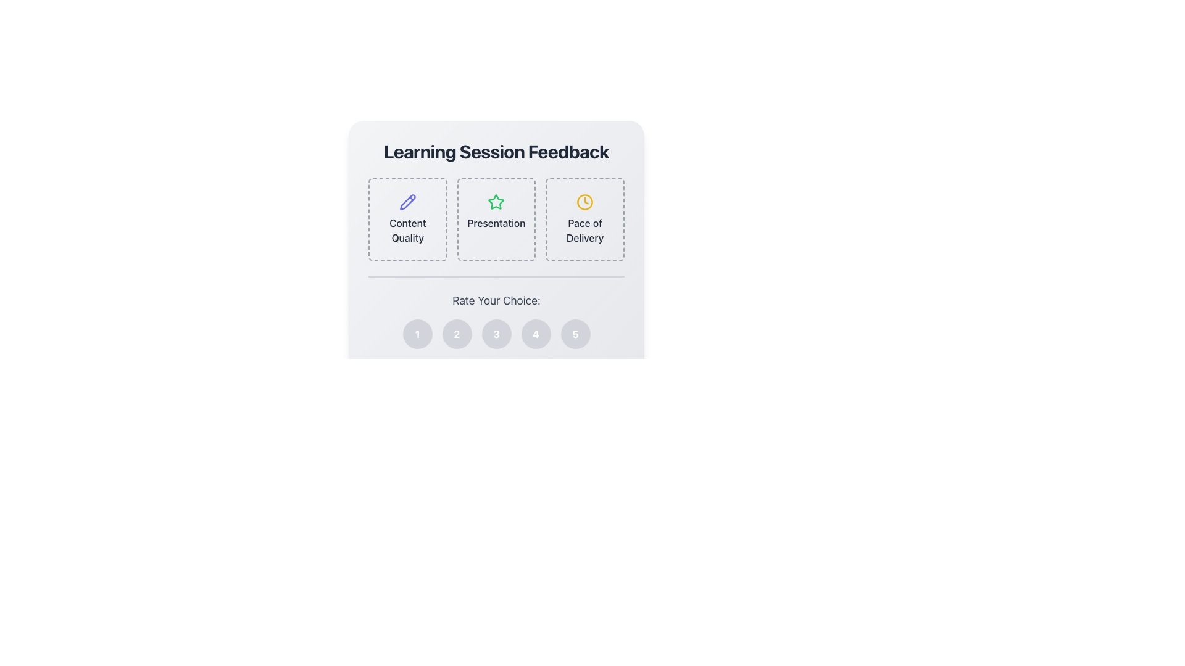 The image size is (1185, 666). What do you see at coordinates (584, 231) in the screenshot?
I see `the 'Pace of Delivery' text label, which is located below the clock icon in the feedback form` at bounding box center [584, 231].